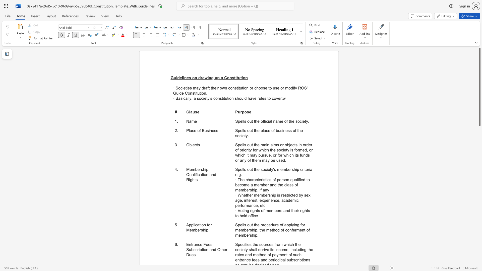 The image size is (482, 271). I want to click on the subset text "Applicati" within the text "Application for Membership", so click(186, 225).